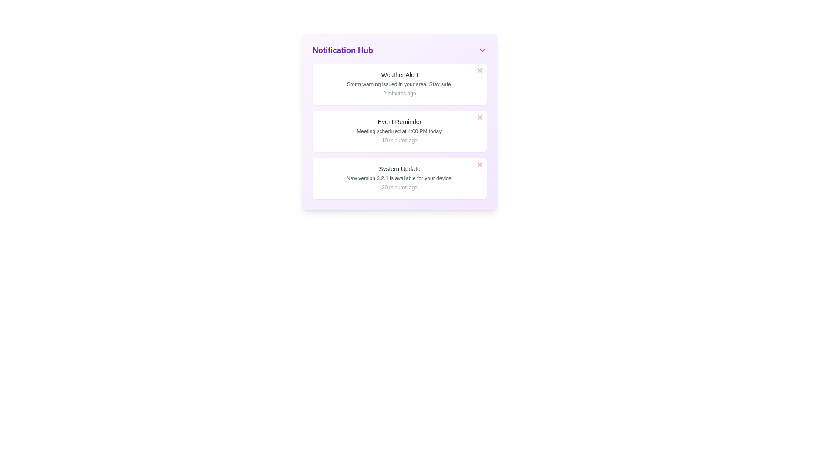 Image resolution: width=836 pixels, height=470 pixels. Describe the element at coordinates (479, 164) in the screenshot. I see `the red 'X' icon button located at the top-right corner of the 'System Update' notification block` at that location.